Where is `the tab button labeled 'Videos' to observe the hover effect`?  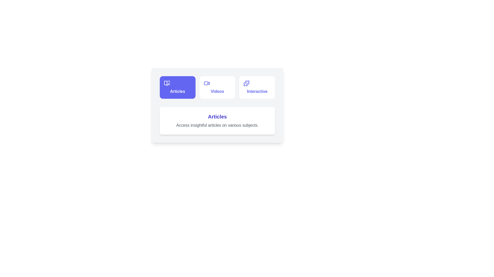 the tab button labeled 'Videos' to observe the hover effect is located at coordinates (217, 87).